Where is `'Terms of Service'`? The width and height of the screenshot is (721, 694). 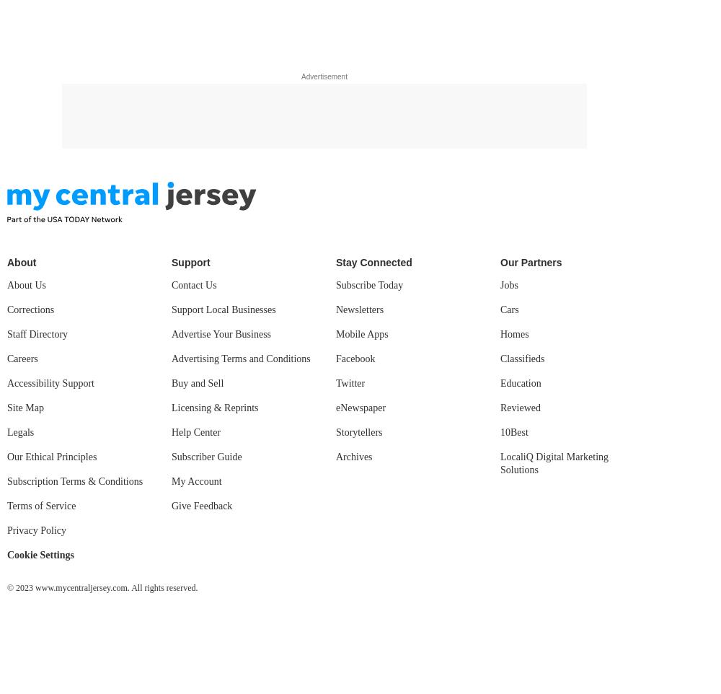 'Terms of Service' is located at coordinates (41, 505).